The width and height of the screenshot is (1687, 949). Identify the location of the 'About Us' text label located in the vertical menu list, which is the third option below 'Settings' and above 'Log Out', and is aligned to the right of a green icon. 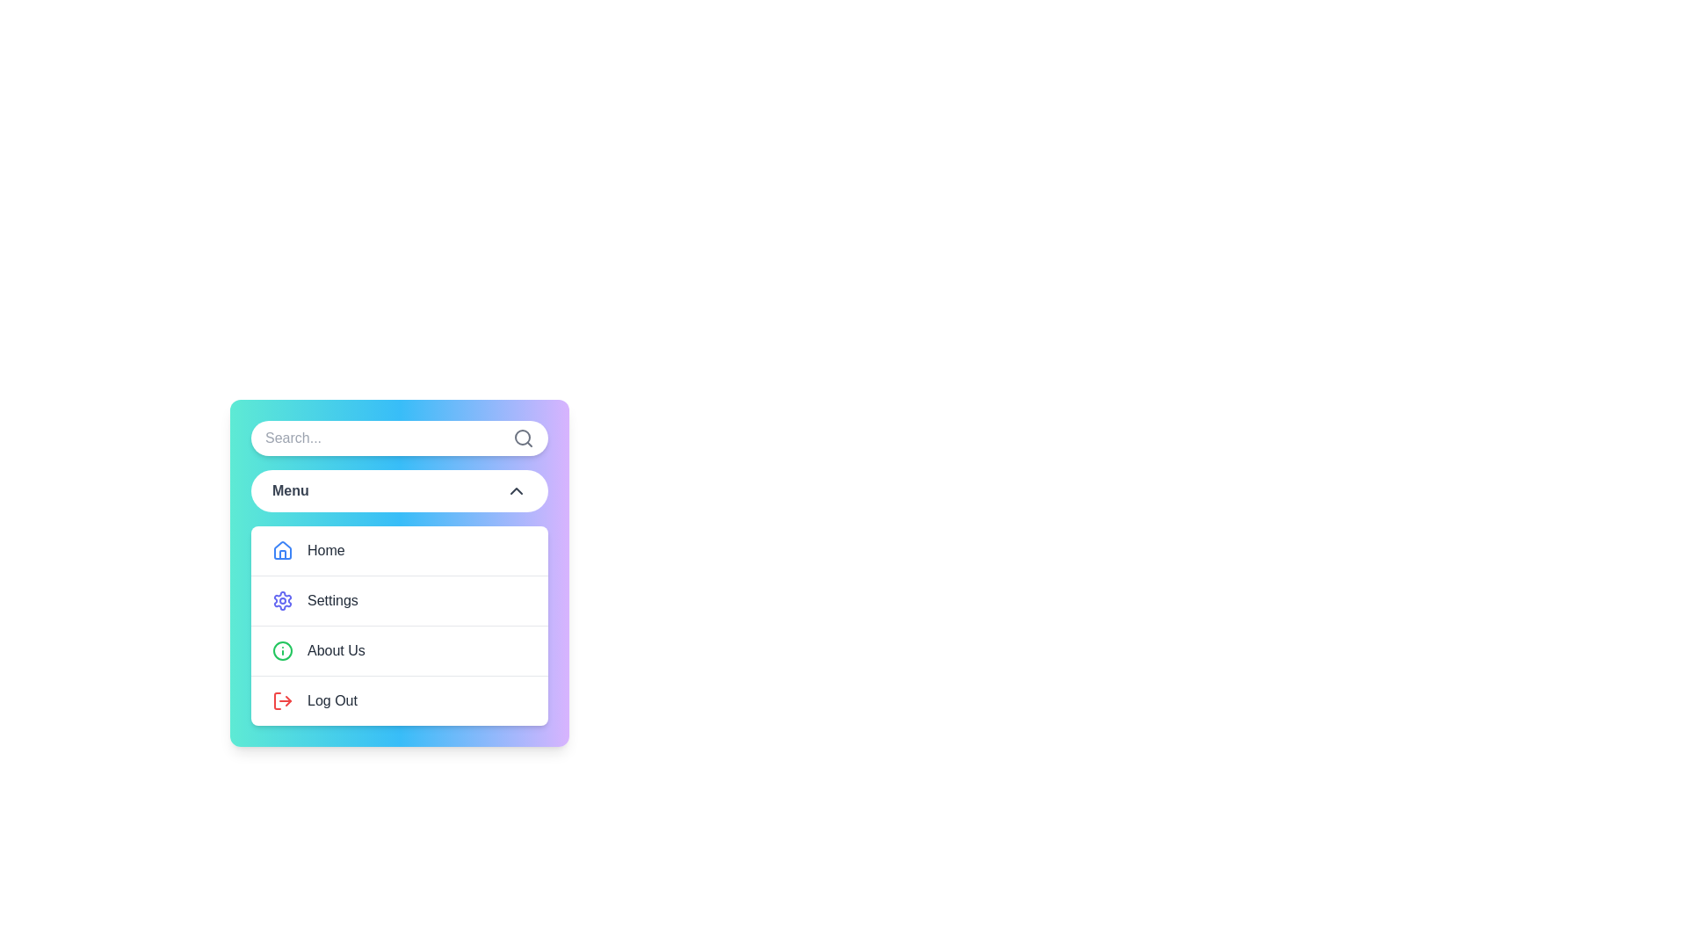
(336, 650).